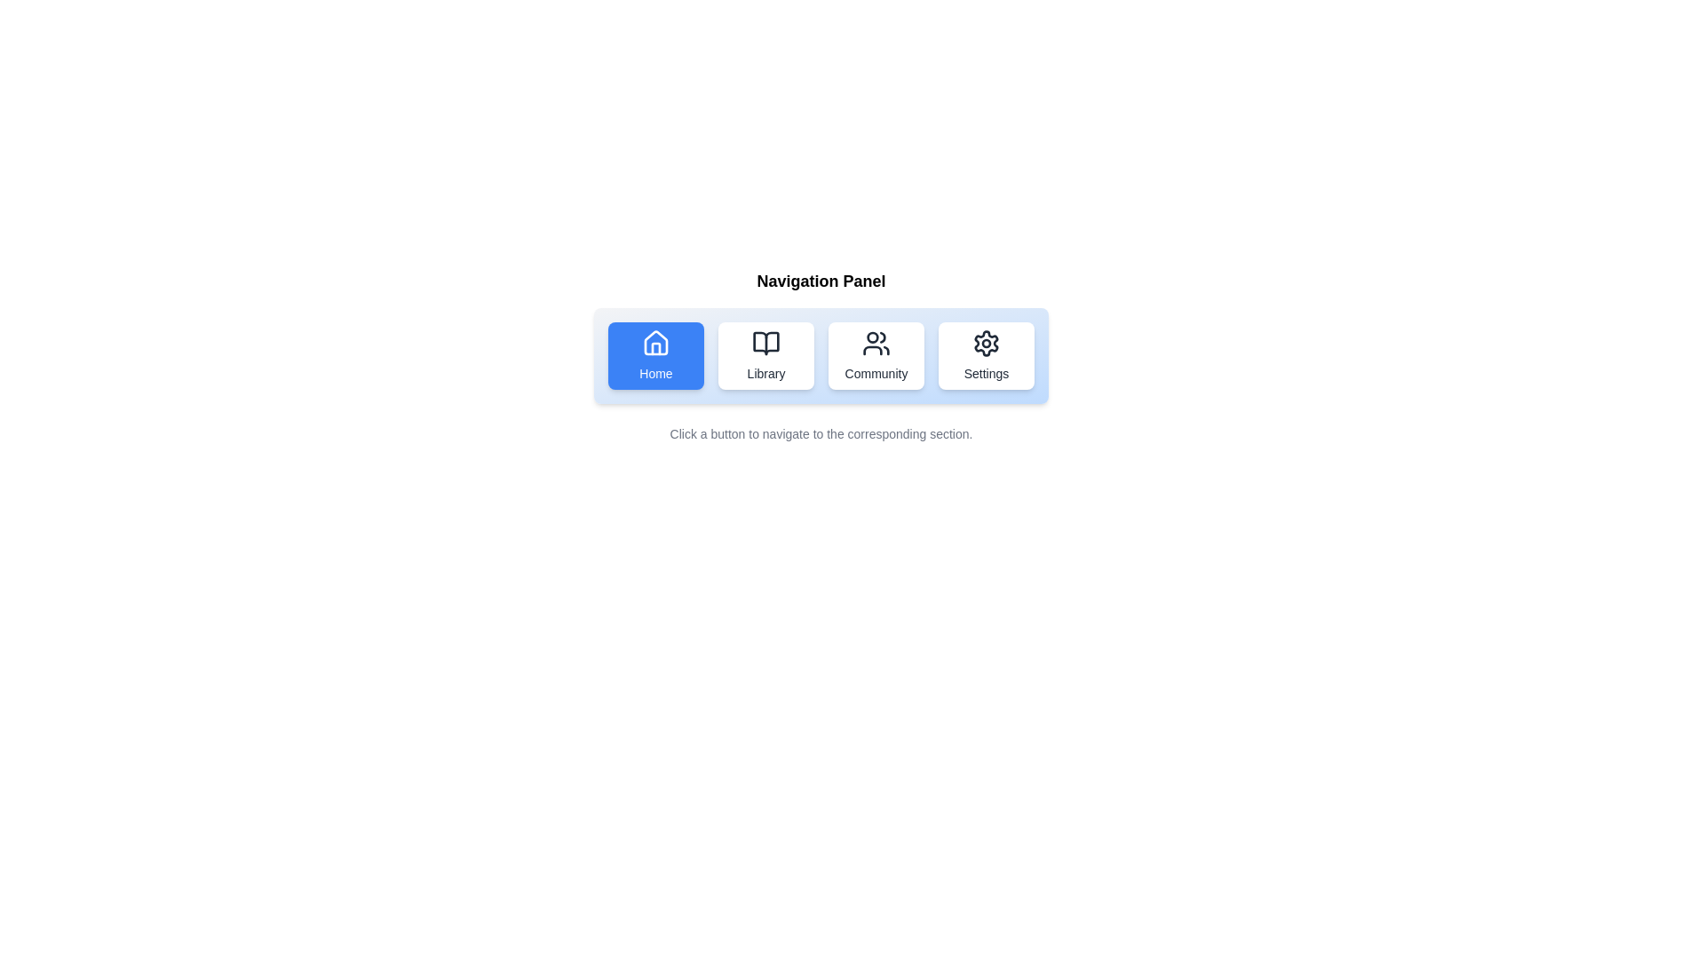  What do you see at coordinates (873, 337) in the screenshot?
I see `the small circular shape representing a user's head in the Community icon, which is the third icon from the left in the navigation bar` at bounding box center [873, 337].